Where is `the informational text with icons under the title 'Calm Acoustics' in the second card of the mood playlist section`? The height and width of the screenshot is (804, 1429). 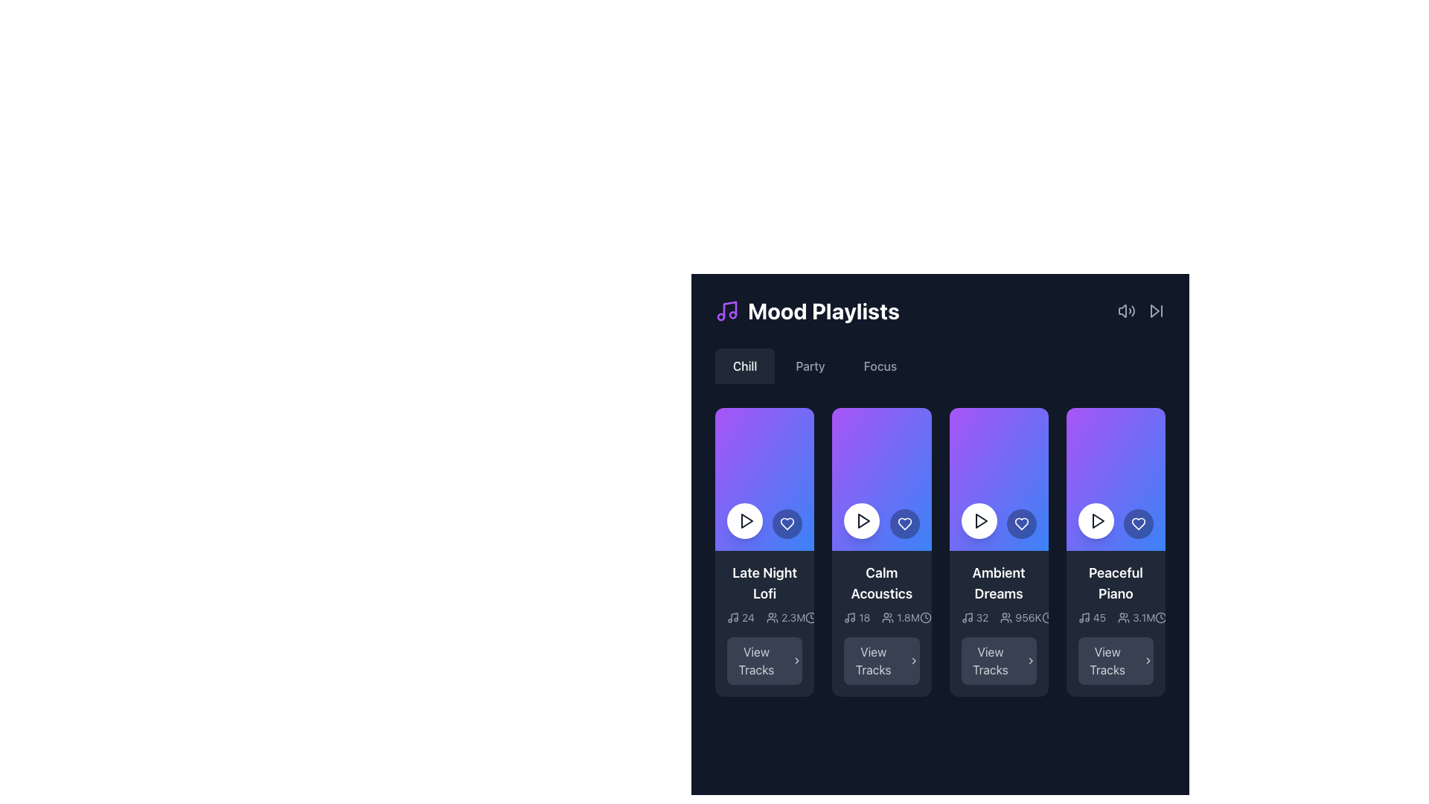 the informational text with icons under the title 'Calm Acoustics' in the second card of the mood playlist section is located at coordinates (881, 617).